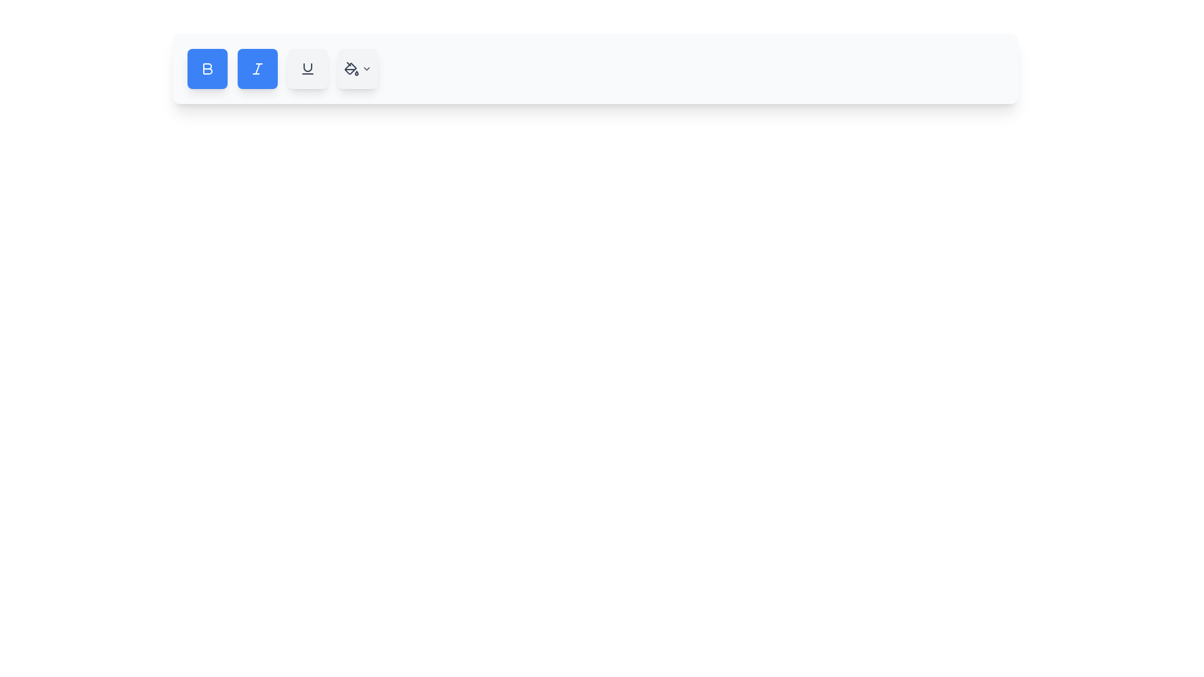 The image size is (1204, 677). I want to click on the button containing the bold 'B' icon in the toolbar, which represents bold text functionality, so click(208, 69).